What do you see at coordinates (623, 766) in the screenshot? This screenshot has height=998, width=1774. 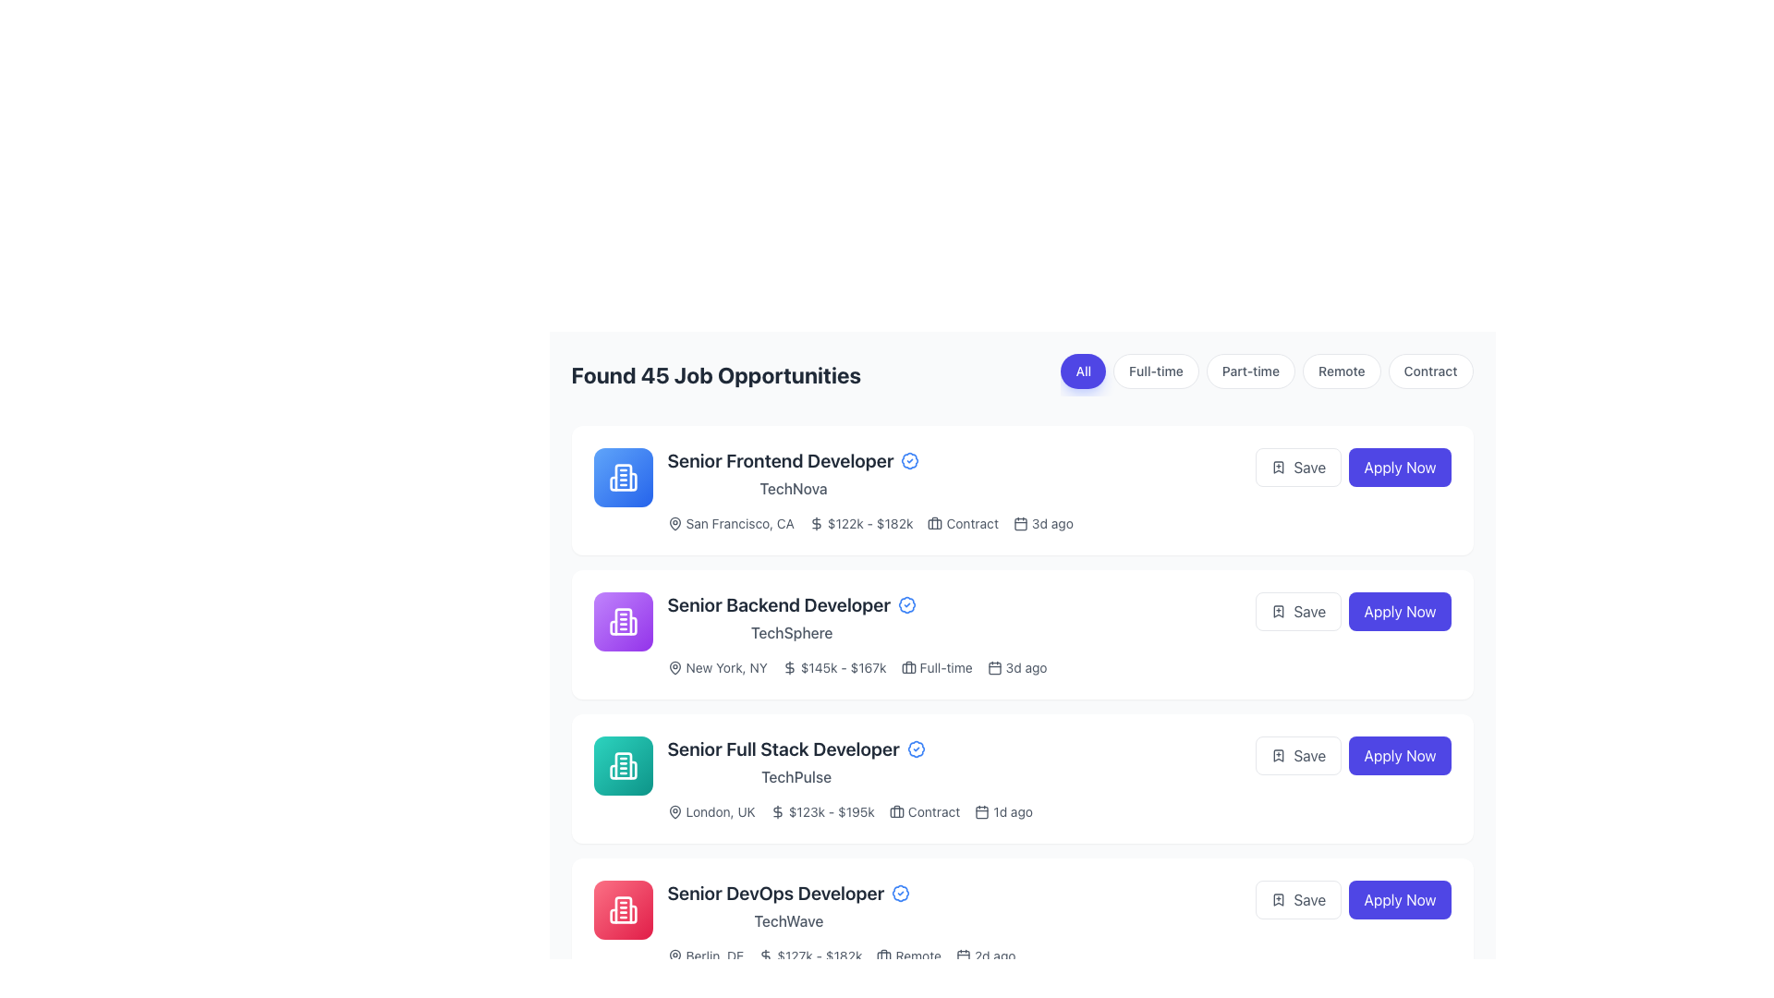 I see `the building icon with a white outline on a green background, which is part of the job listing for 'Senior Full Stack Developer' located in the third job card` at bounding box center [623, 766].